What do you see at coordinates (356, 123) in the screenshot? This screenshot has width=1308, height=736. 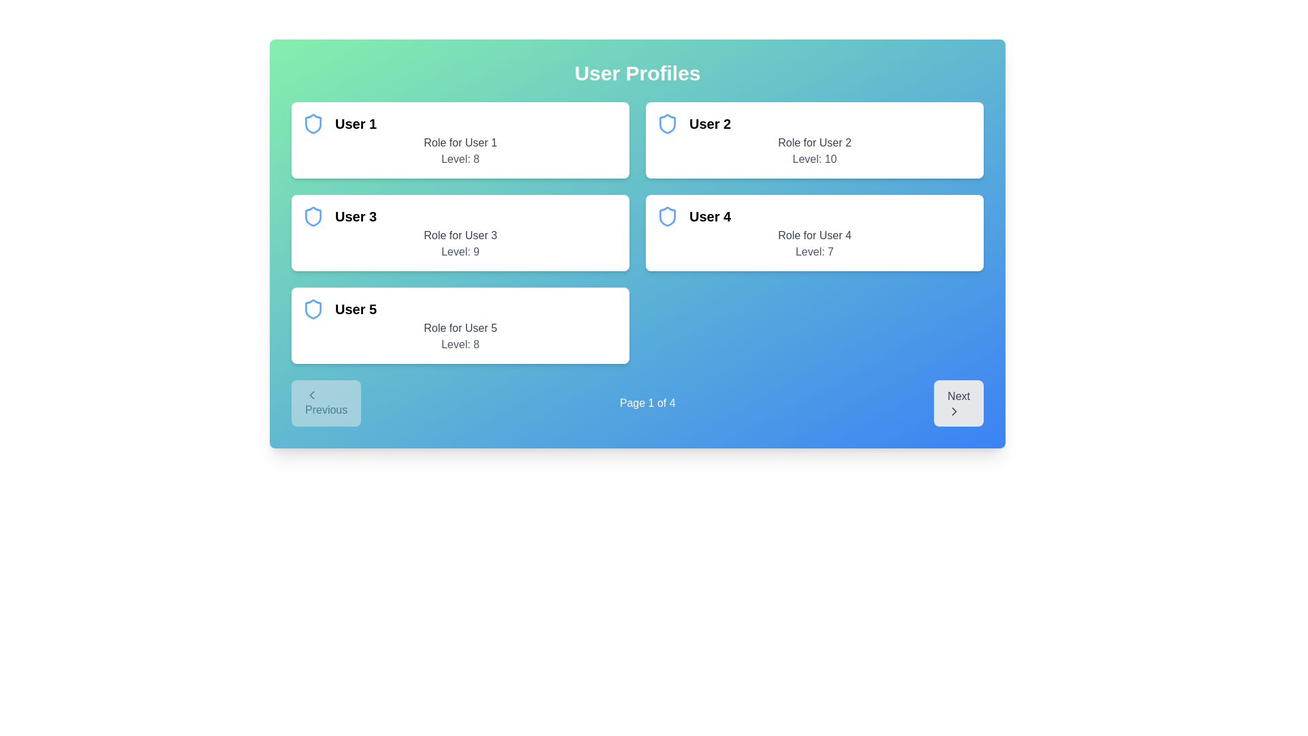 I see `the text label that identifies 'User 1' located at the top-left corner of the first card in the grid layout, to the right of the blue shield icon` at bounding box center [356, 123].